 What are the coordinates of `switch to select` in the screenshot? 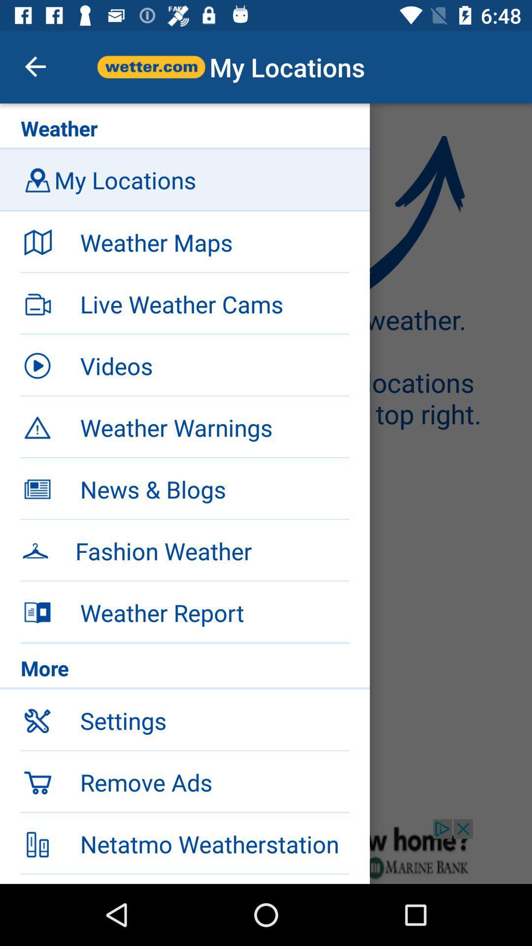 It's located at (266, 851).